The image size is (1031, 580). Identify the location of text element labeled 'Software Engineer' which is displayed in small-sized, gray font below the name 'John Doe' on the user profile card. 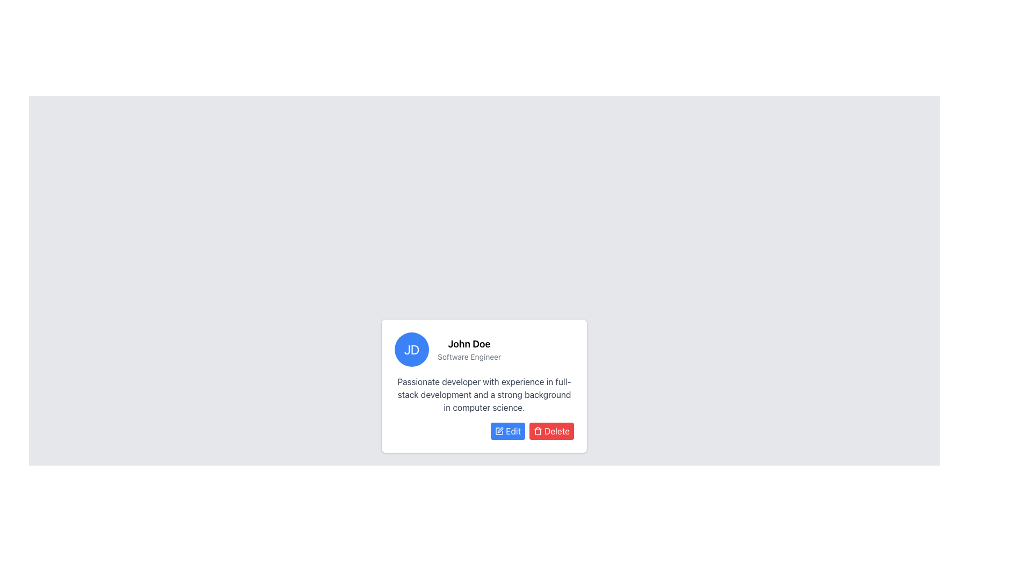
(469, 357).